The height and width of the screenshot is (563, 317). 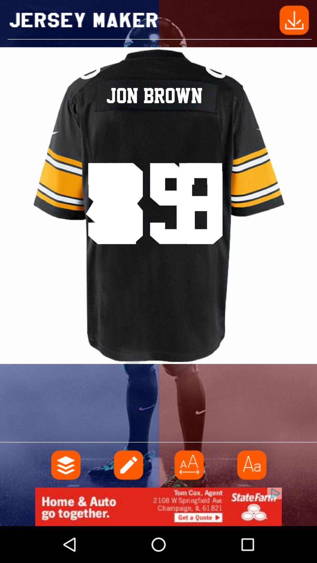 I want to click on caps, so click(x=251, y=464).